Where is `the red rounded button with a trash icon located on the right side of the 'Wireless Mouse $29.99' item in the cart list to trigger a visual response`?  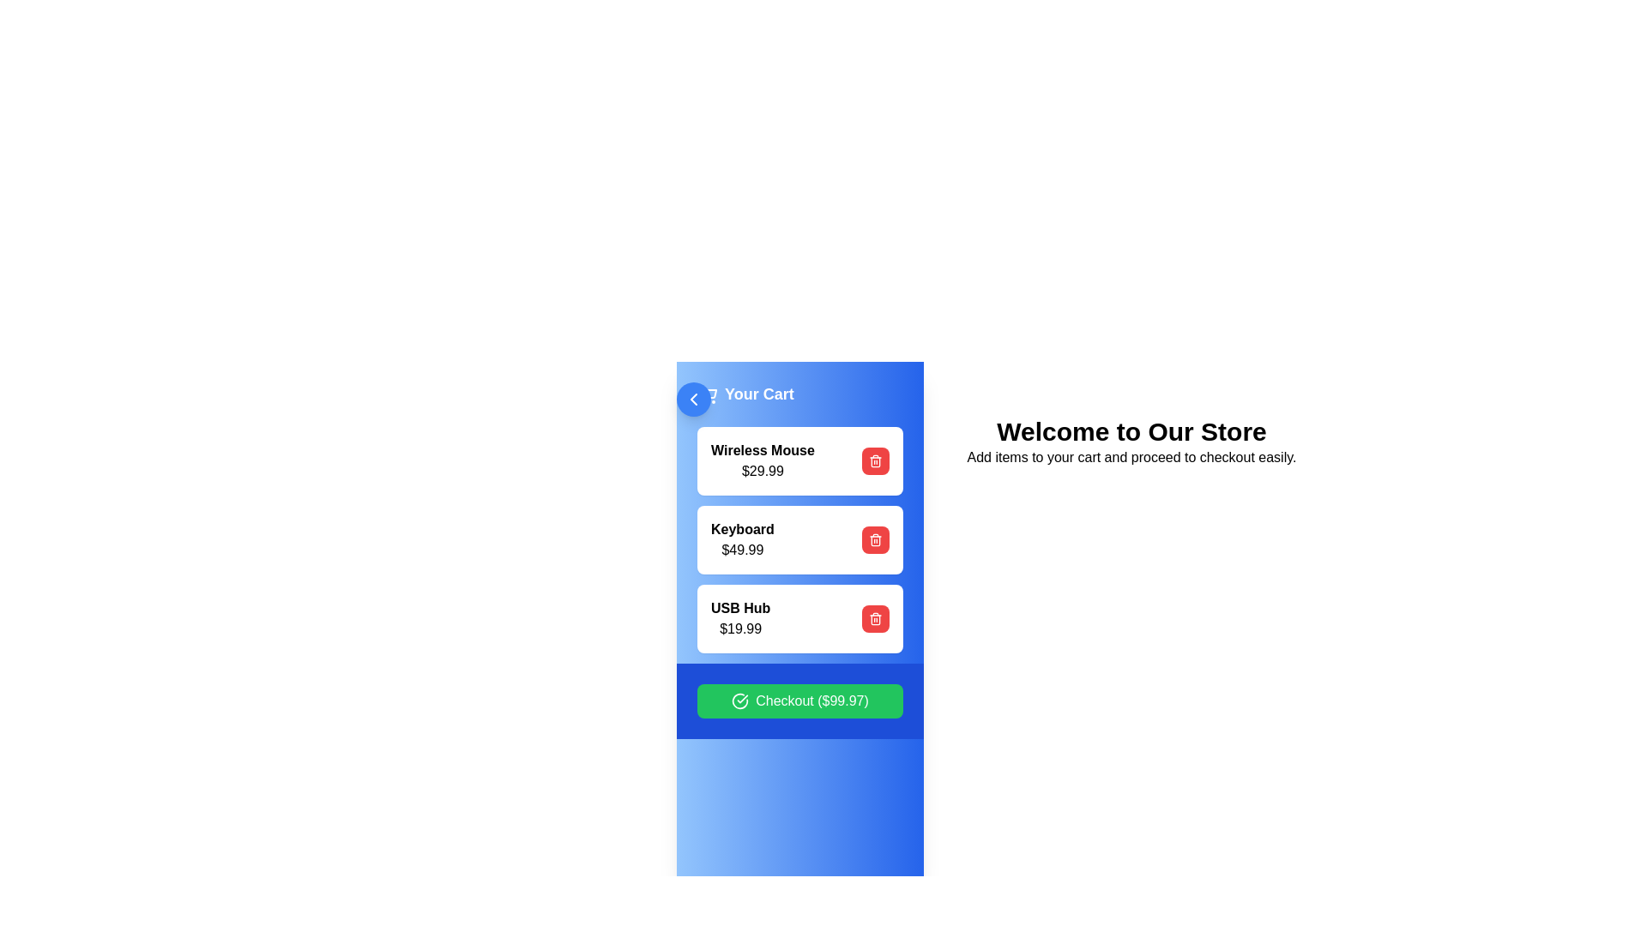
the red rounded button with a trash icon located on the right side of the 'Wireless Mouse $29.99' item in the cart list to trigger a visual response is located at coordinates (876, 460).